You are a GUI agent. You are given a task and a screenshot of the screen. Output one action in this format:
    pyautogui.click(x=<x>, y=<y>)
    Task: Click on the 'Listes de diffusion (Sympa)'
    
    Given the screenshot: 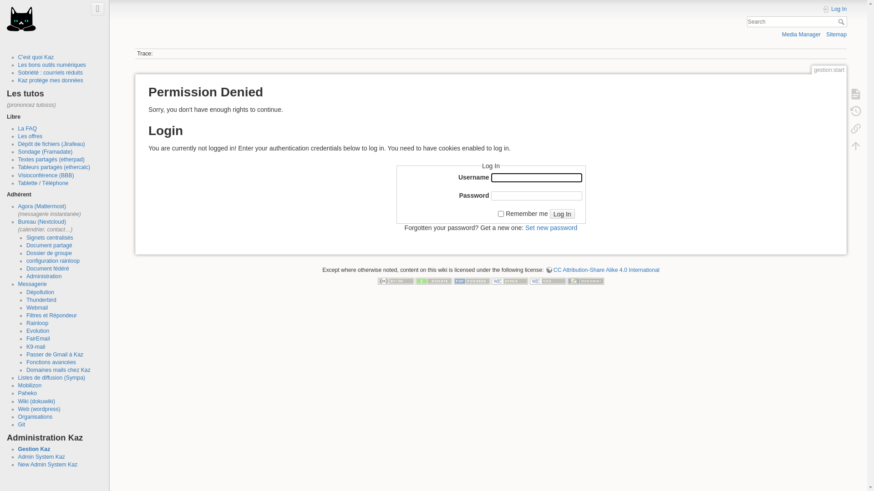 What is the action you would take?
    pyautogui.click(x=18, y=377)
    